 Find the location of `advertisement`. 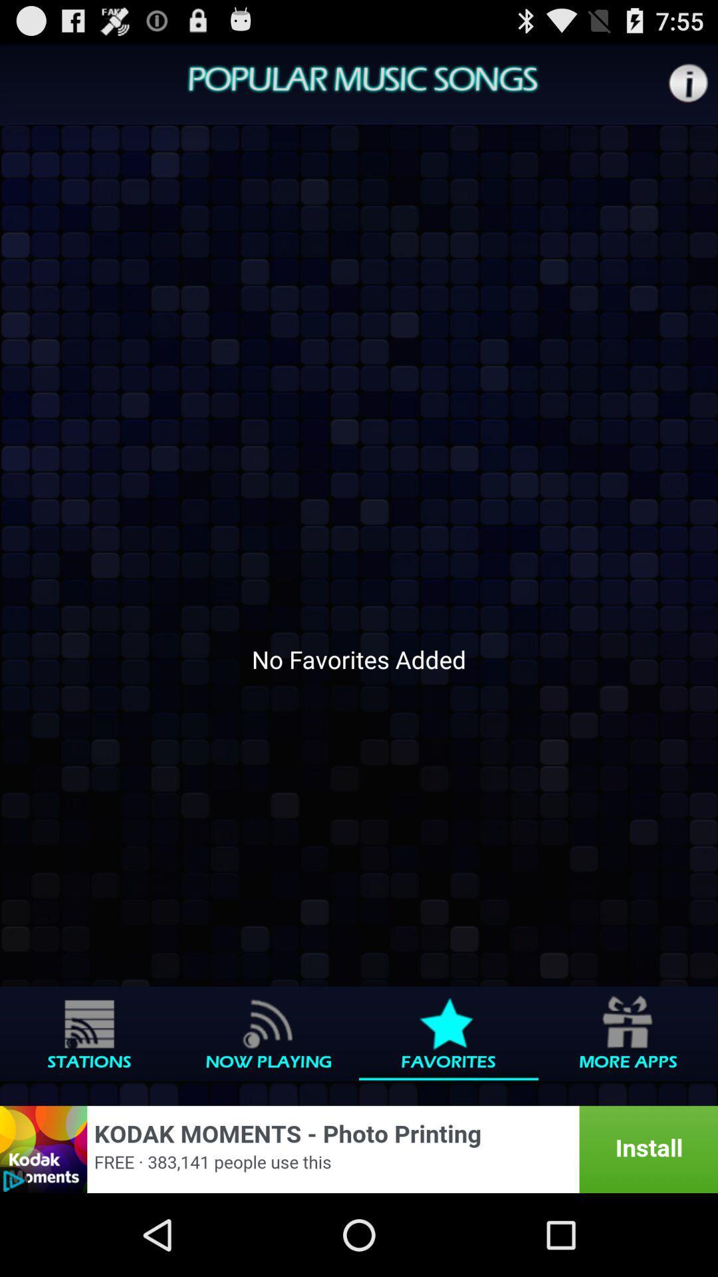

advertisement is located at coordinates (359, 1149).